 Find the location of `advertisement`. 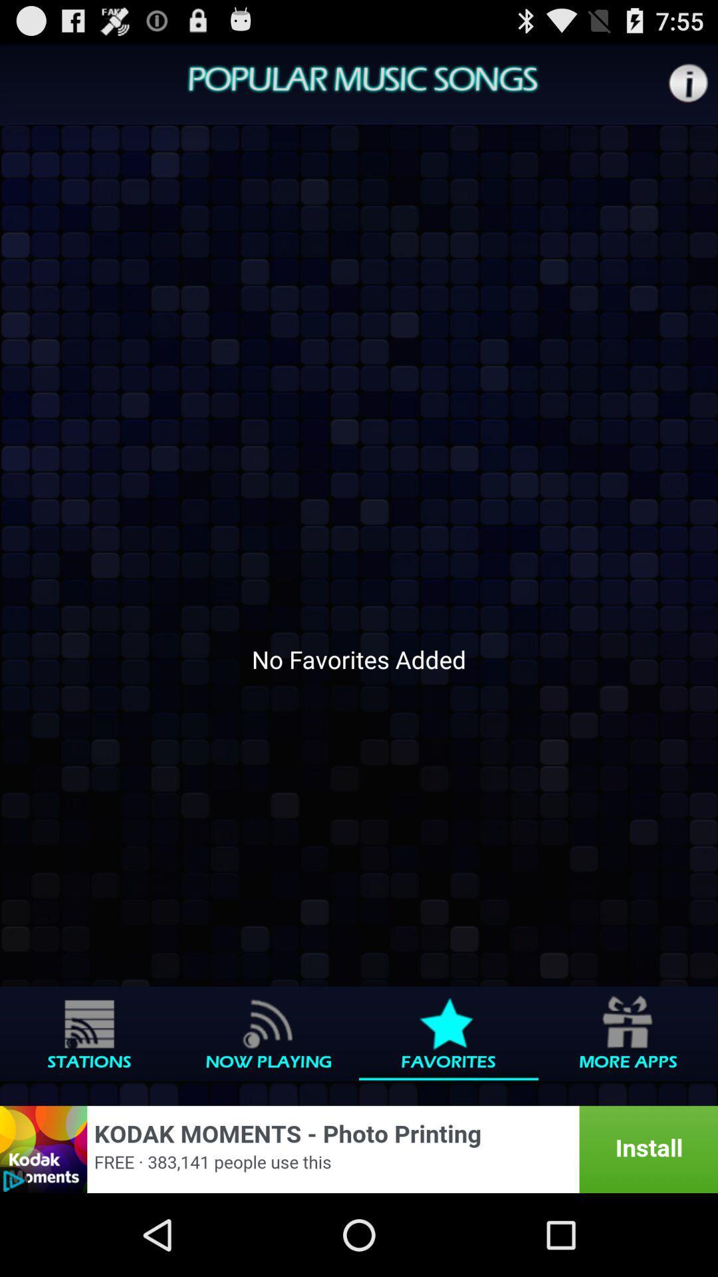

advertisement is located at coordinates (359, 1149).